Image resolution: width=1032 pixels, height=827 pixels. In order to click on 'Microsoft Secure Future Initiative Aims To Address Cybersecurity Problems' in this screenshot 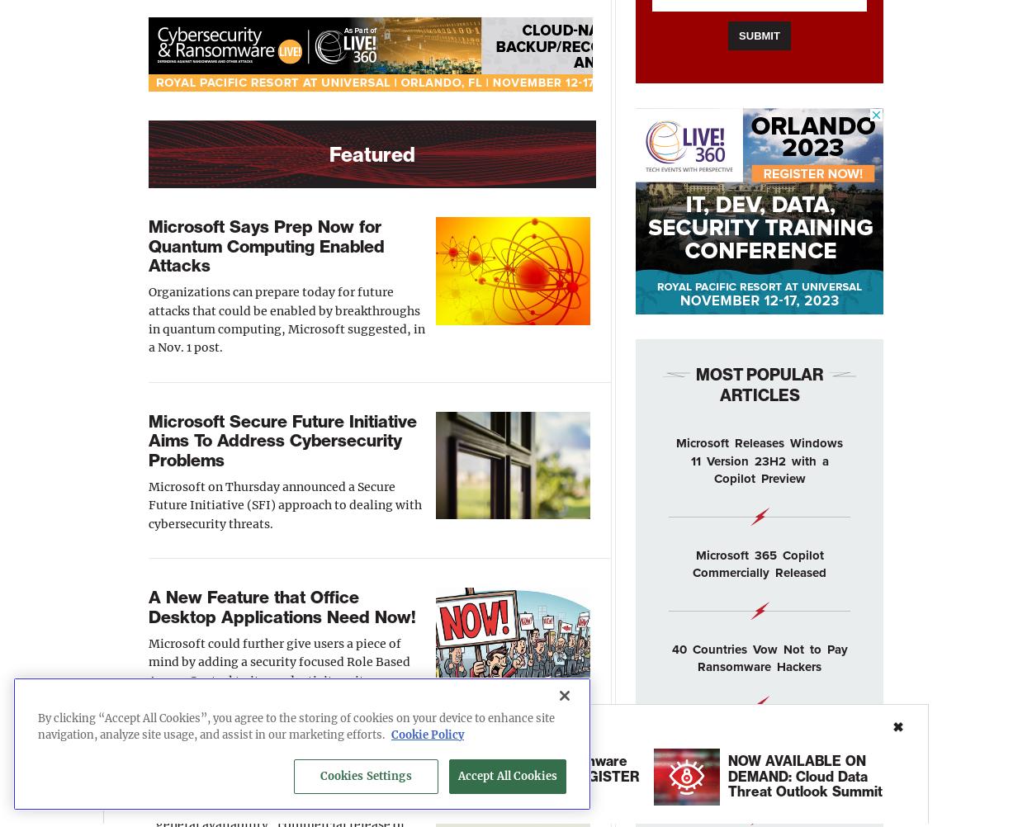, I will do `click(282, 439)`.